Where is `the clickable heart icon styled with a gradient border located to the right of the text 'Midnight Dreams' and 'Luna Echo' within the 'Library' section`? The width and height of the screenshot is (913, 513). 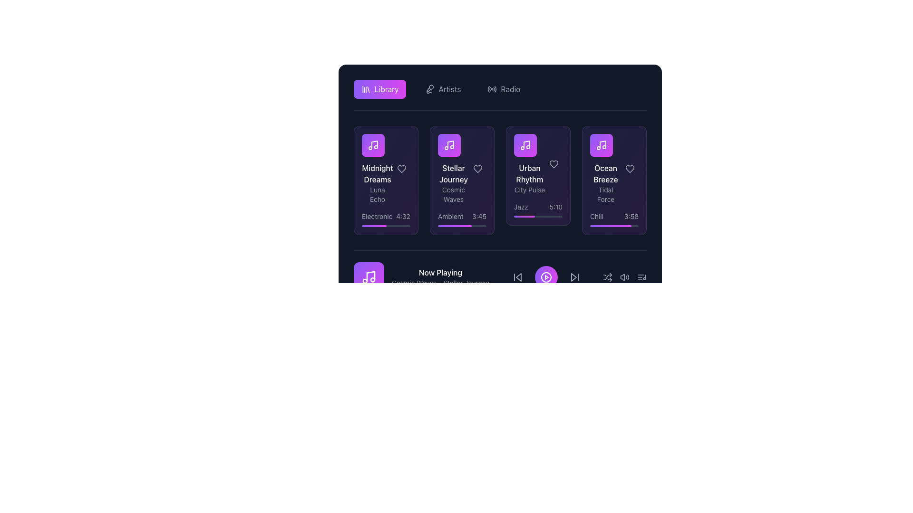 the clickable heart icon styled with a gradient border located to the right of the text 'Midnight Dreams' and 'Luna Echo' within the 'Library' section is located at coordinates (401, 168).